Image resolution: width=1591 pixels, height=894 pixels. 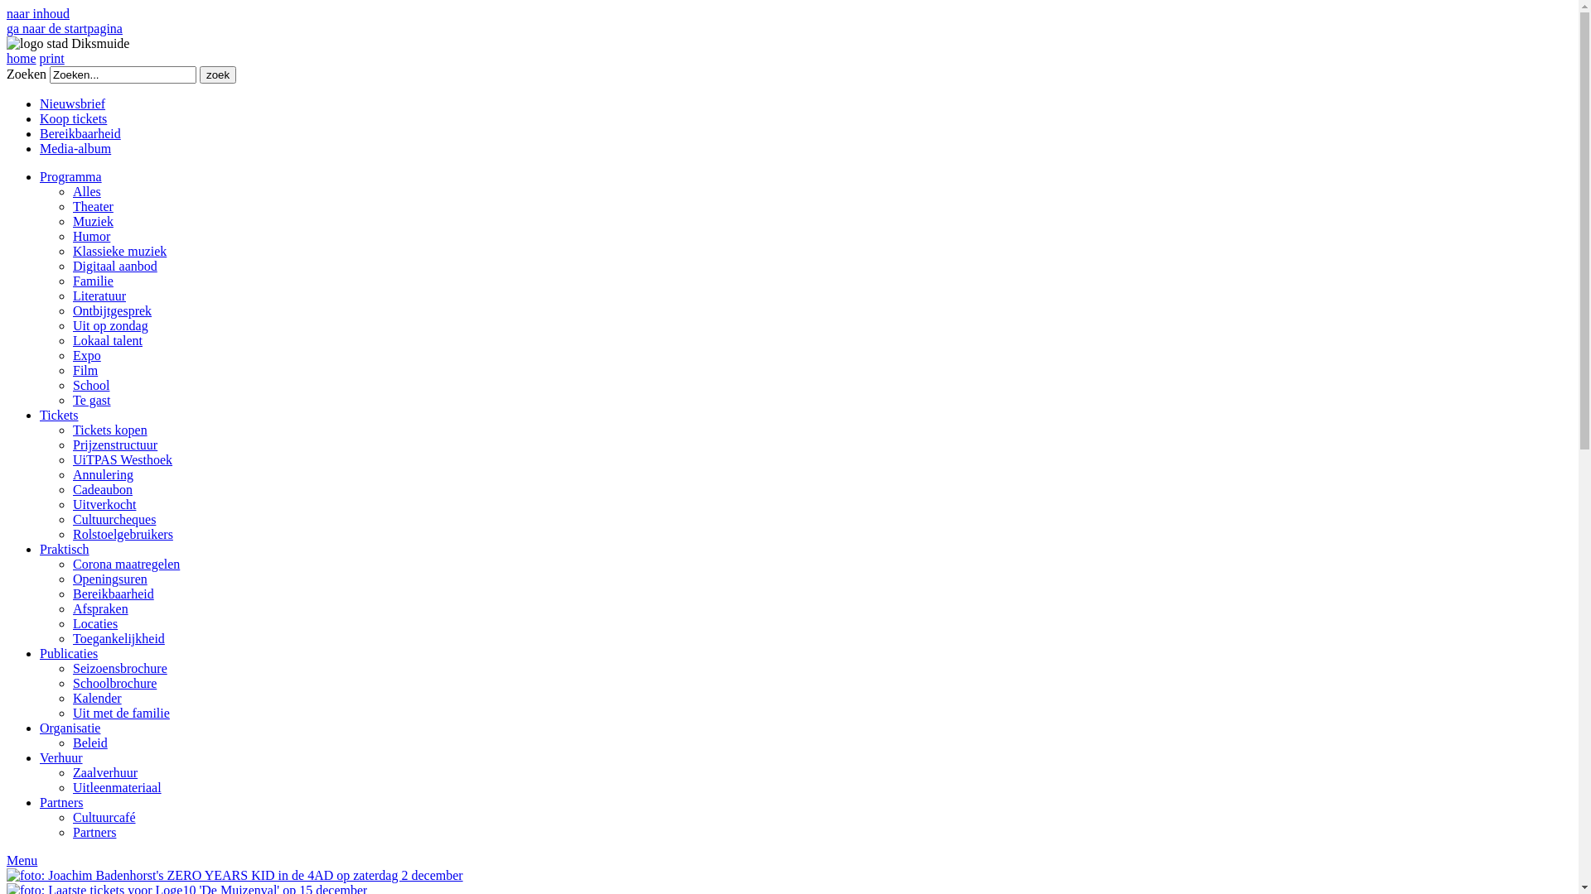 I want to click on 'Partners', so click(x=60, y=801).